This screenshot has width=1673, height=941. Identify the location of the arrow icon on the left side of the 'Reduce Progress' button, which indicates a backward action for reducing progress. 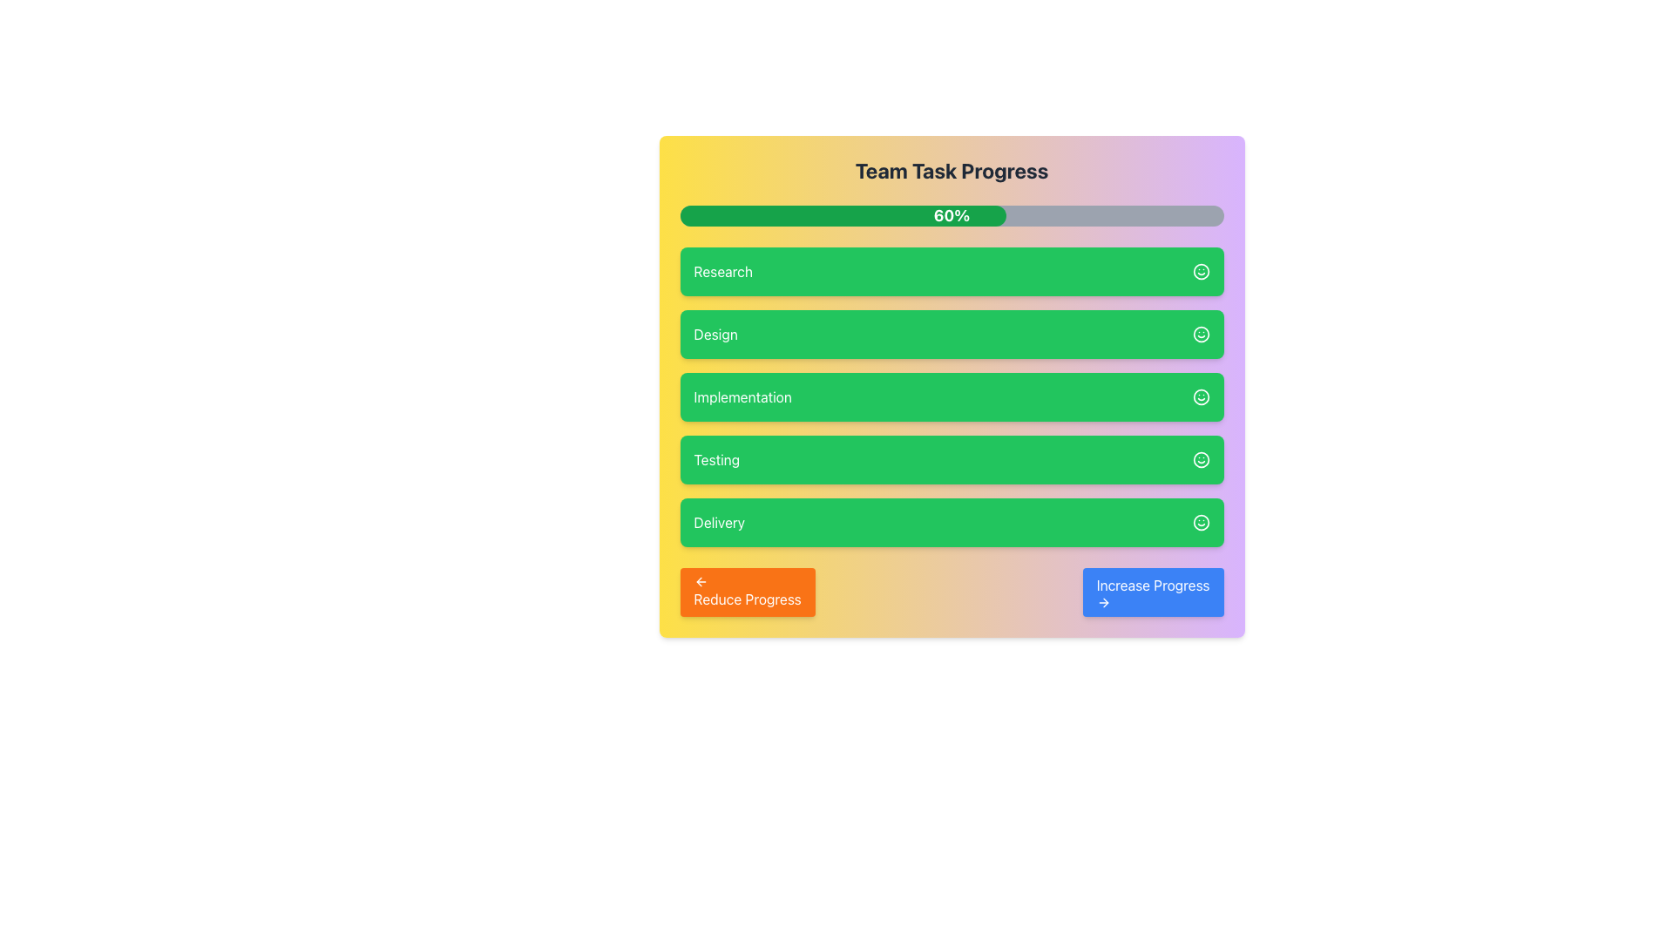
(701, 581).